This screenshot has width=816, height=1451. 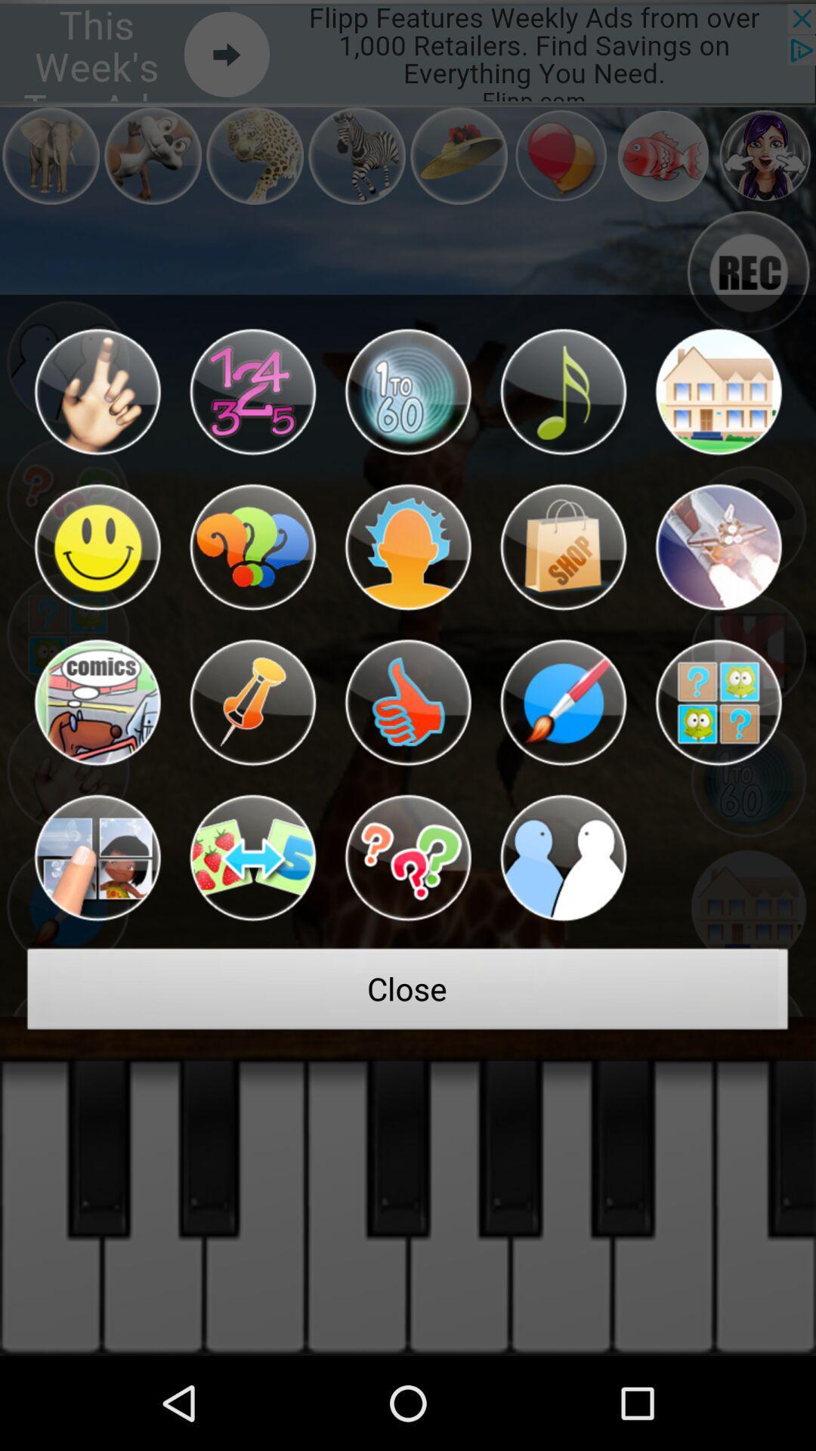 What do you see at coordinates (408, 858) in the screenshot?
I see `the item above the close item` at bounding box center [408, 858].